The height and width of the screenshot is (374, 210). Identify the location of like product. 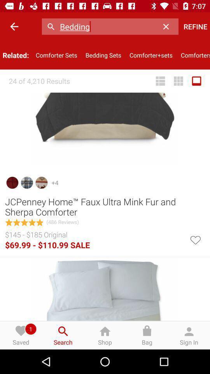
(195, 239).